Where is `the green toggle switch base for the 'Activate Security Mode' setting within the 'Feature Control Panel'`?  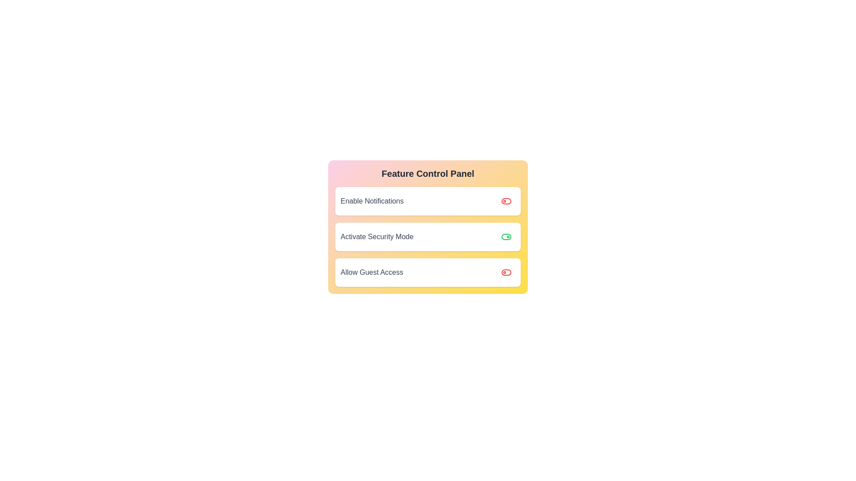 the green toggle switch base for the 'Activate Security Mode' setting within the 'Feature Control Panel' is located at coordinates (506, 236).